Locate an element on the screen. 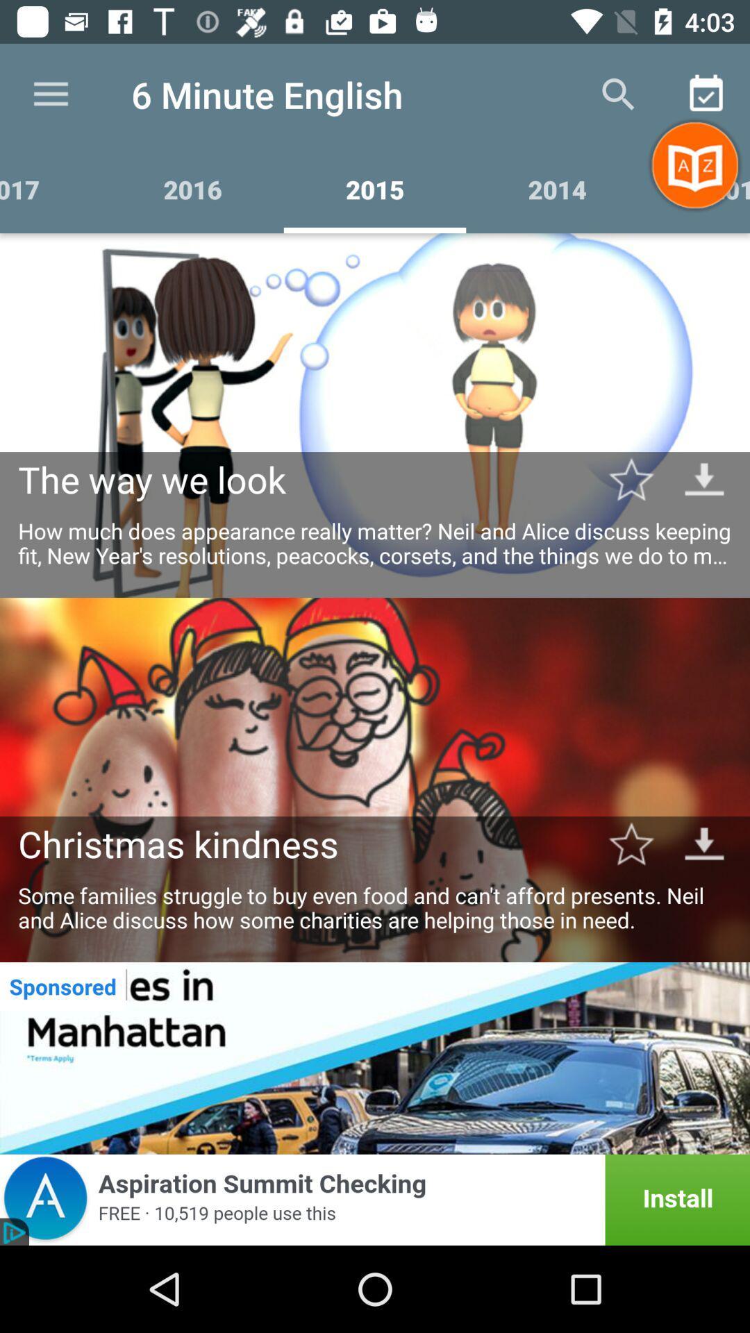  to advertisement is located at coordinates (375, 1057).